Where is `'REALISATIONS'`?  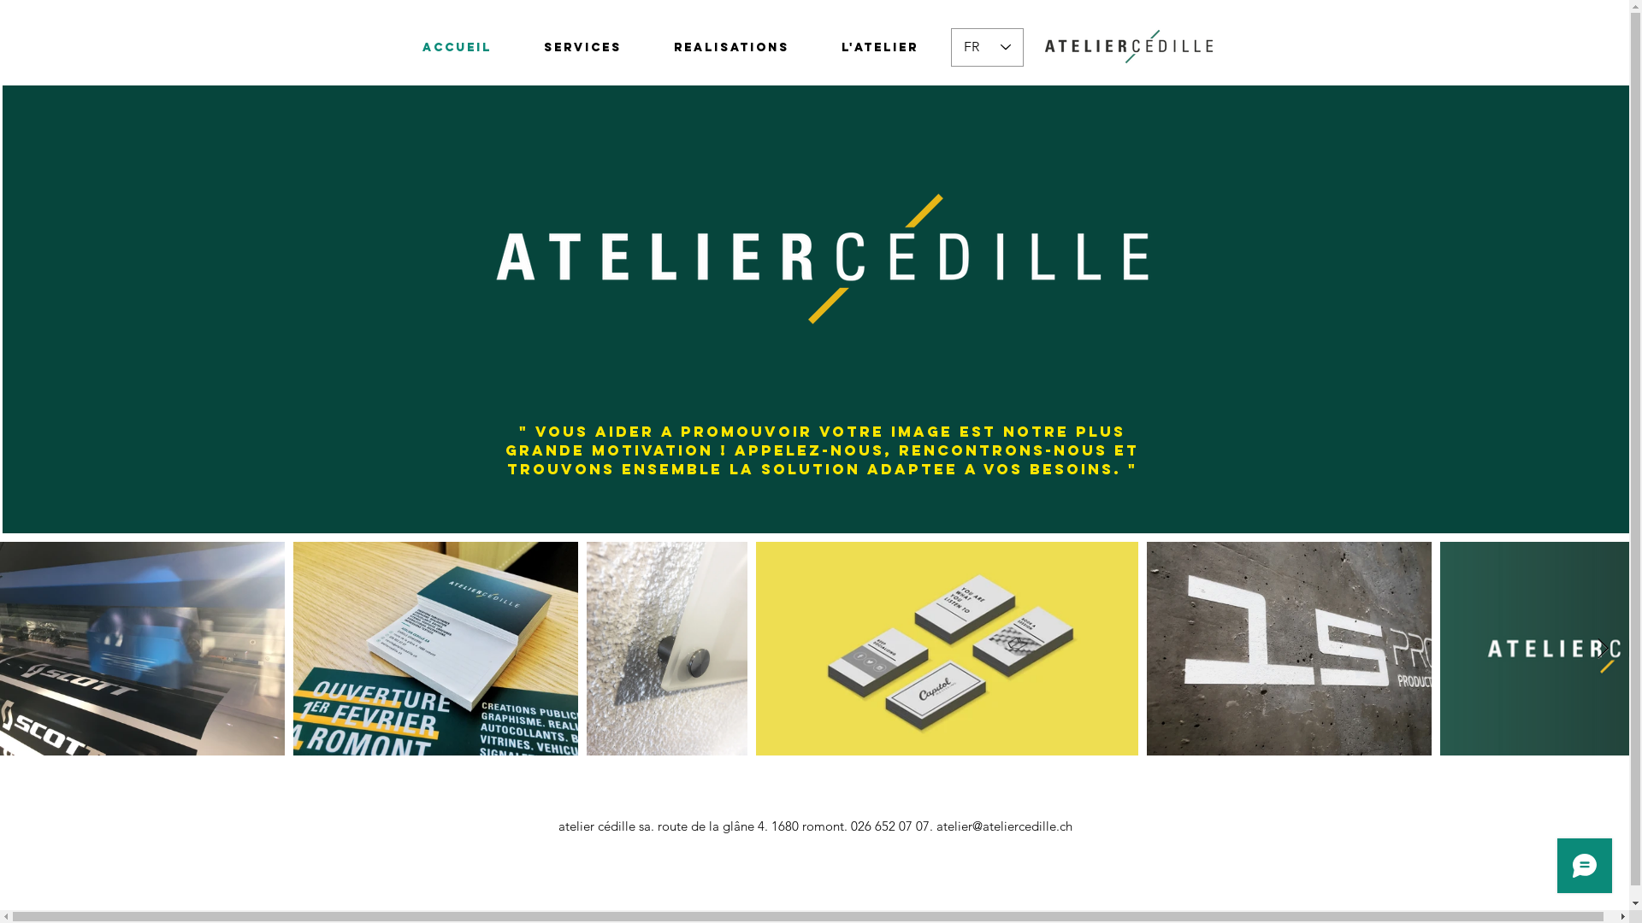 'REALISATIONS' is located at coordinates (731, 47).